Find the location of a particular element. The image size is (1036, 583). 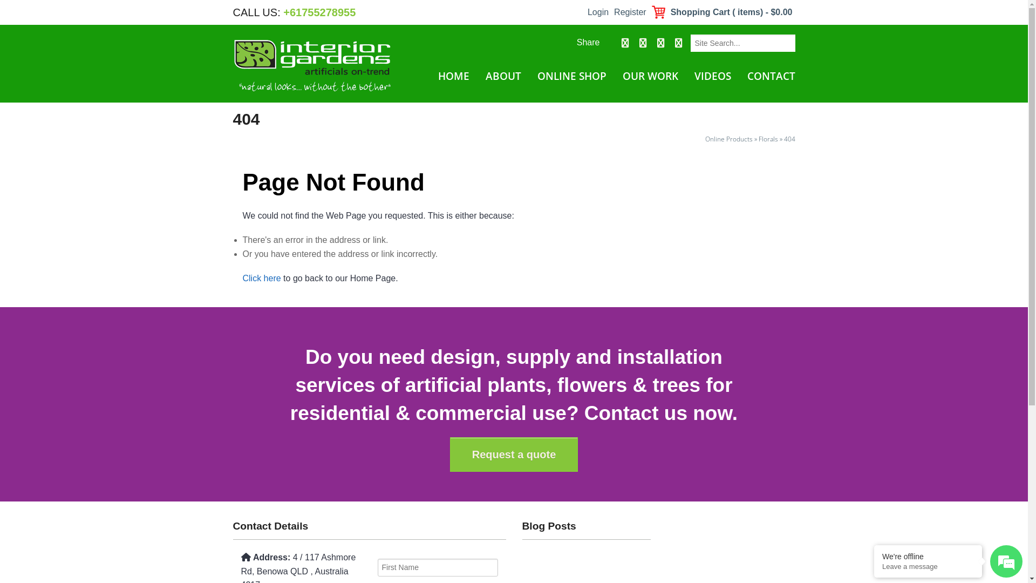

'Register' is located at coordinates (611, 12).